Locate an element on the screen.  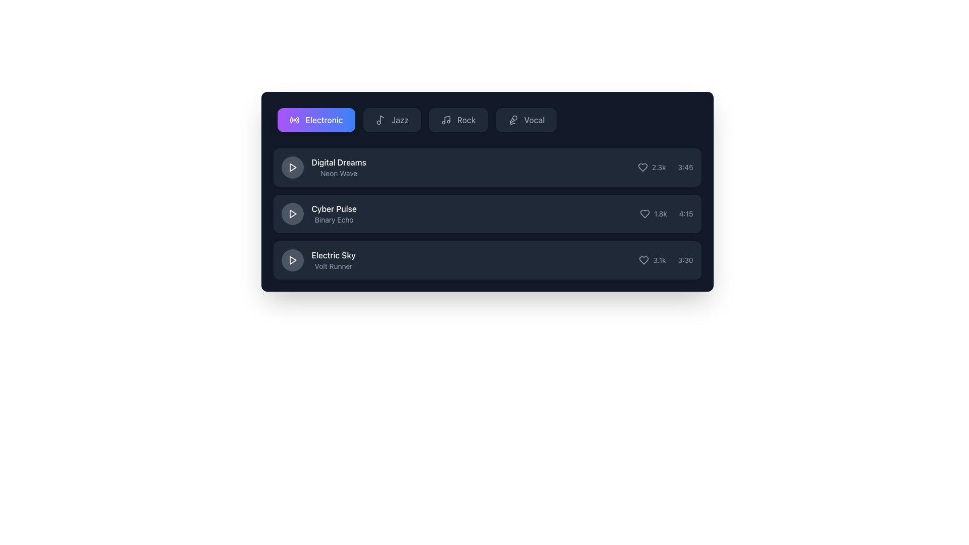
the Jazz genre icon in the music genre selection menu, which is located between the Electronic and Rock buttons is located at coordinates (380, 120).